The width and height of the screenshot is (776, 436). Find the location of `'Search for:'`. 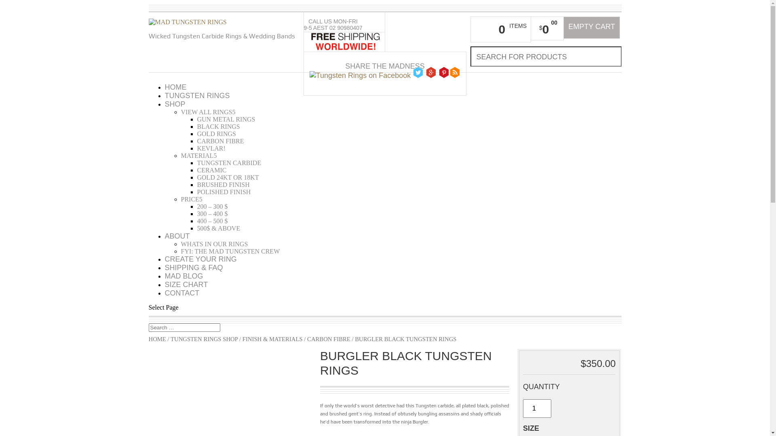

'Search for:' is located at coordinates (184, 327).